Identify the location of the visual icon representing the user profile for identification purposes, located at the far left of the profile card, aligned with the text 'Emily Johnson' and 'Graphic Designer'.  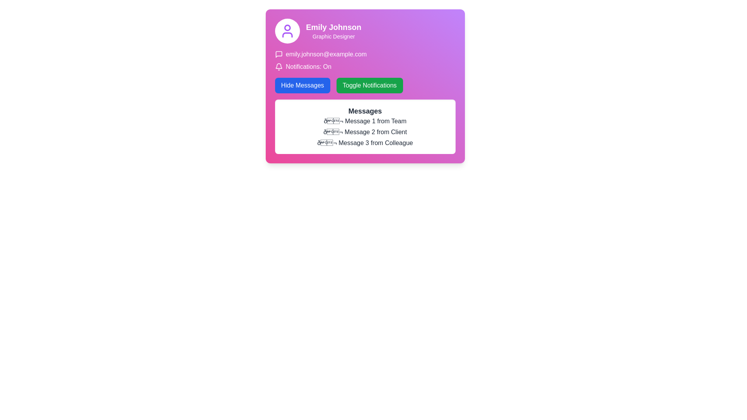
(287, 31).